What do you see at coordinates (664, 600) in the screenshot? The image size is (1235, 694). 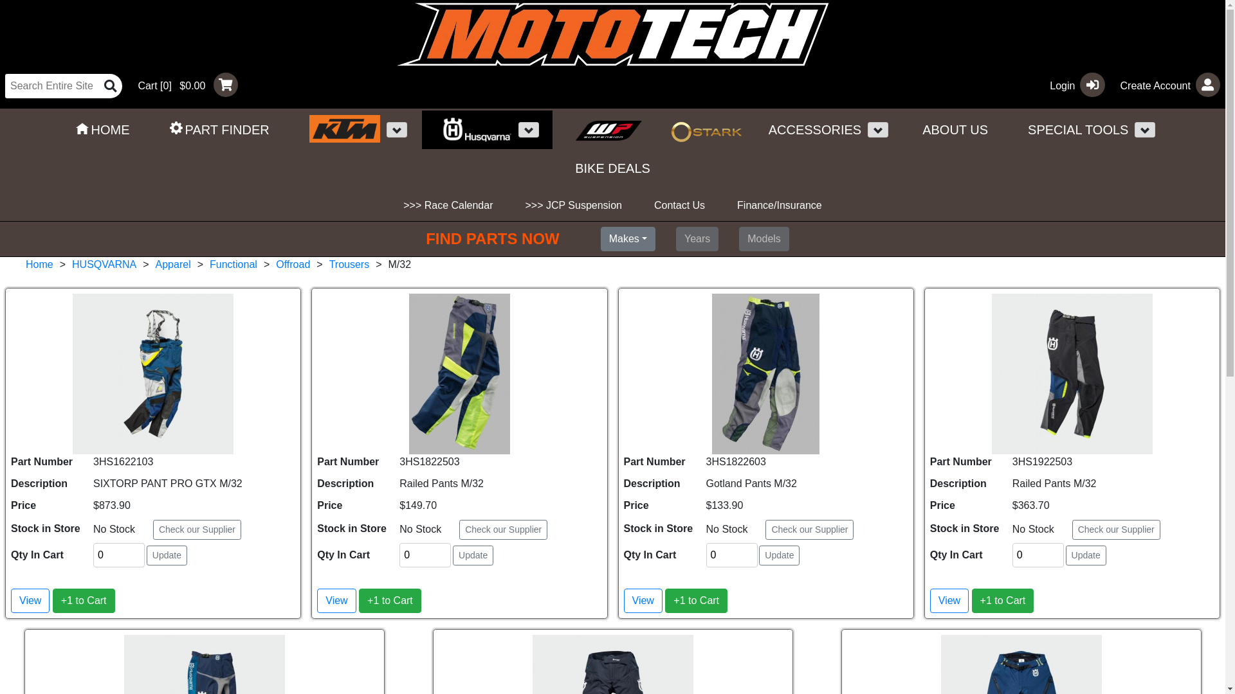 I see `'+1 to Cart'` at bounding box center [664, 600].